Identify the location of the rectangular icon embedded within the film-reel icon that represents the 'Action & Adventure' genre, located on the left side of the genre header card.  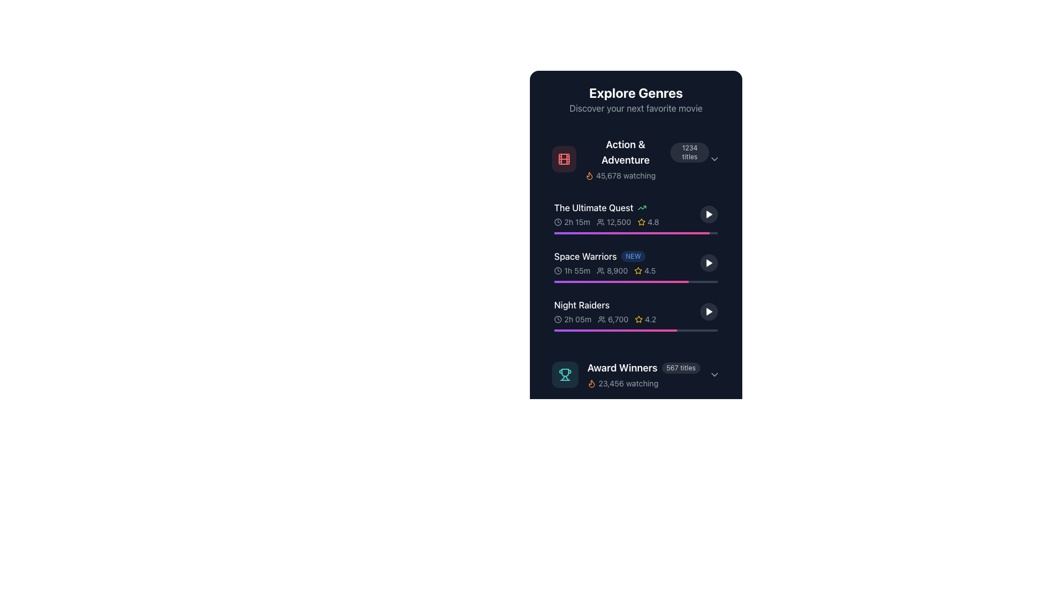
(564, 159).